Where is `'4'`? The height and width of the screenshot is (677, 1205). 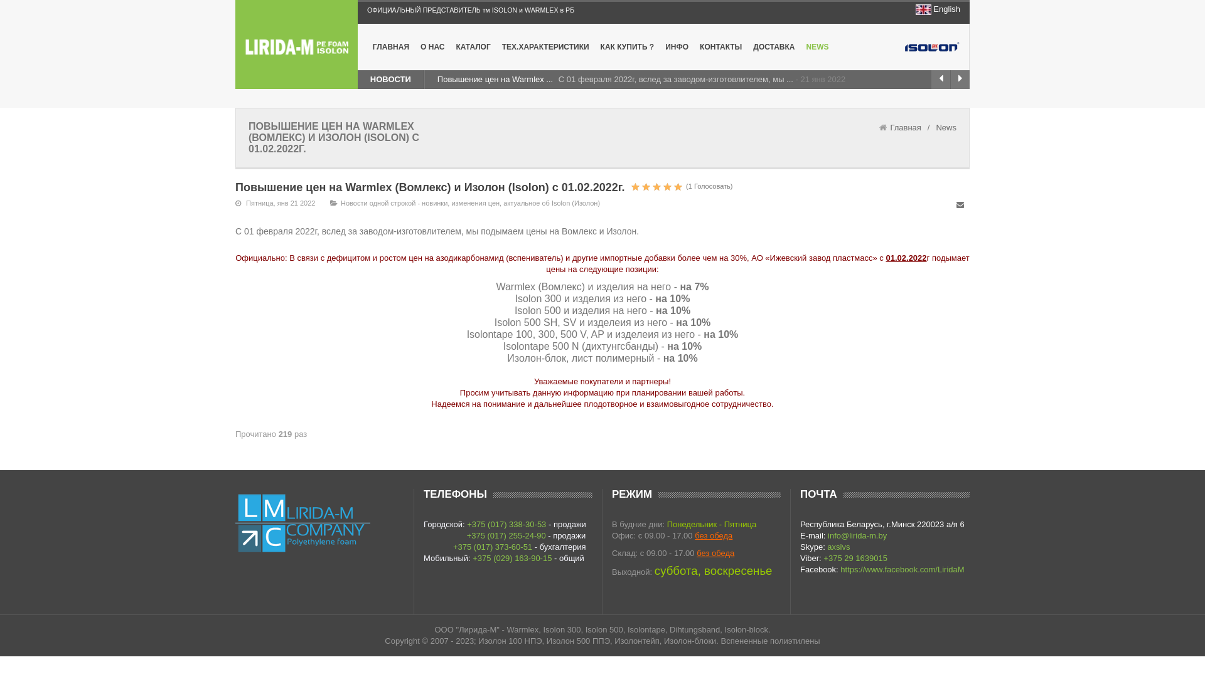 '4' is located at coordinates (629, 186).